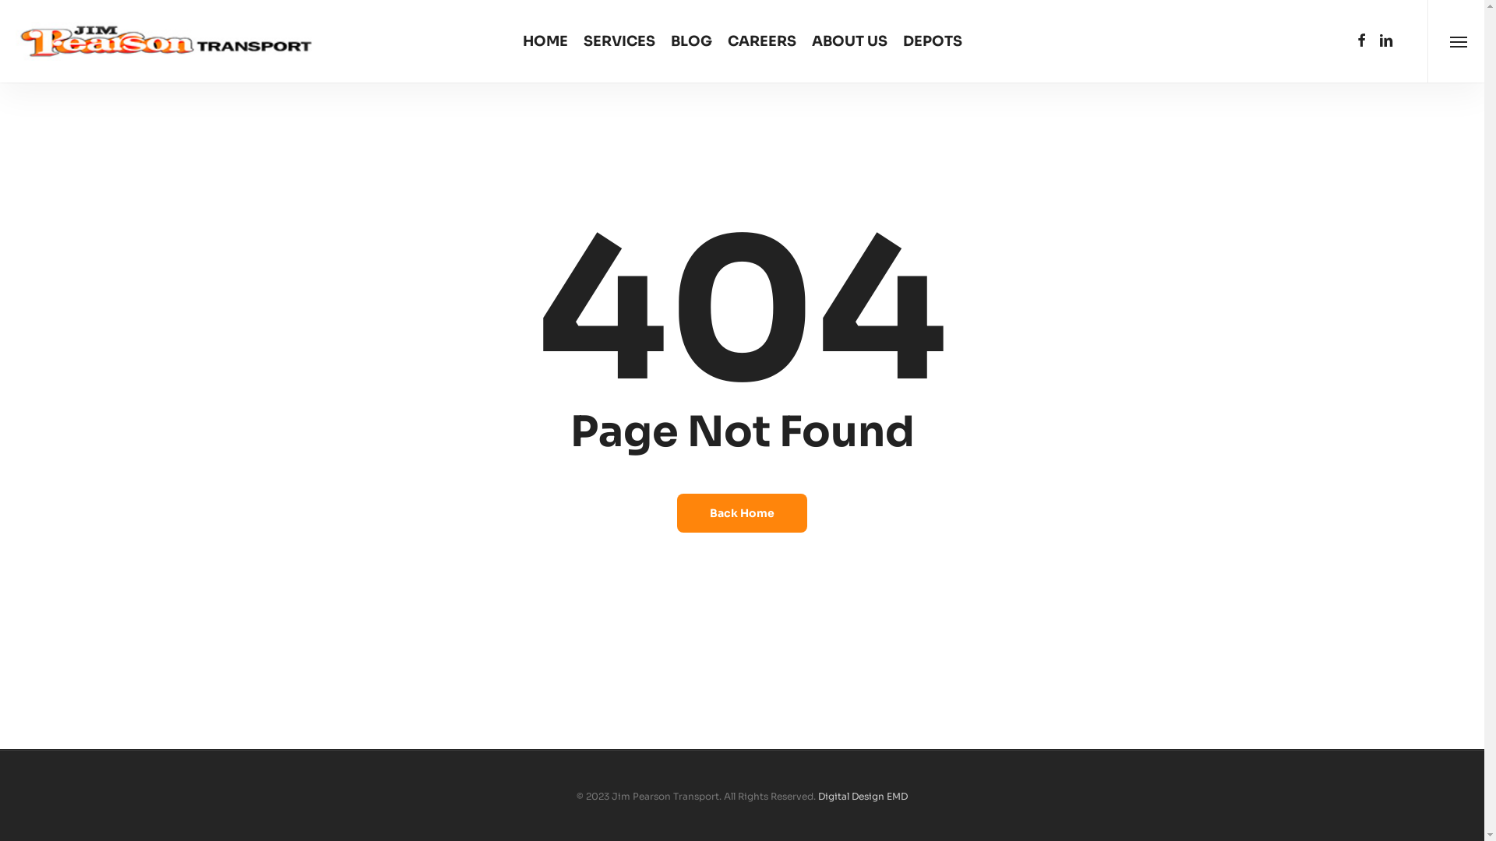 The width and height of the screenshot is (1496, 841). What do you see at coordinates (762, 40) in the screenshot?
I see `'CAREERS'` at bounding box center [762, 40].